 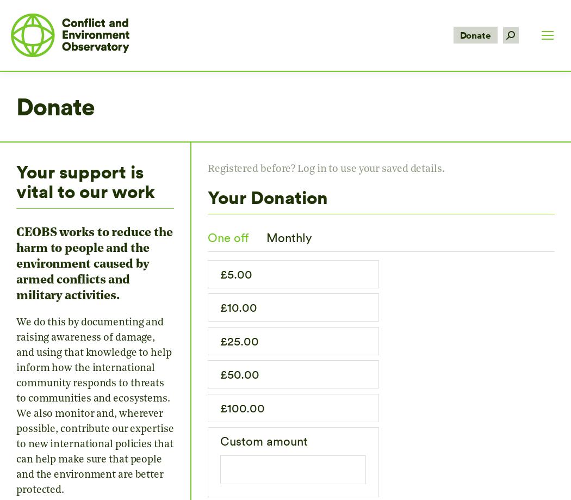 I want to click on '£50.00', so click(x=239, y=373).